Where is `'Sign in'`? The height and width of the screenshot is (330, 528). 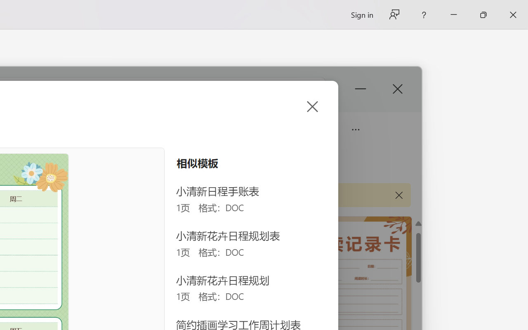
'Sign in' is located at coordinates (361, 14).